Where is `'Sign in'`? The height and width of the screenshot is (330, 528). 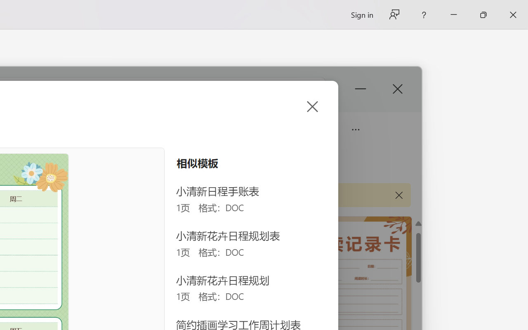
'Sign in' is located at coordinates (361, 14).